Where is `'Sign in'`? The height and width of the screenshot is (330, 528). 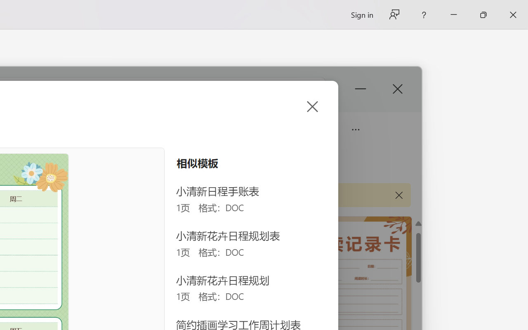
'Sign in' is located at coordinates (361, 14).